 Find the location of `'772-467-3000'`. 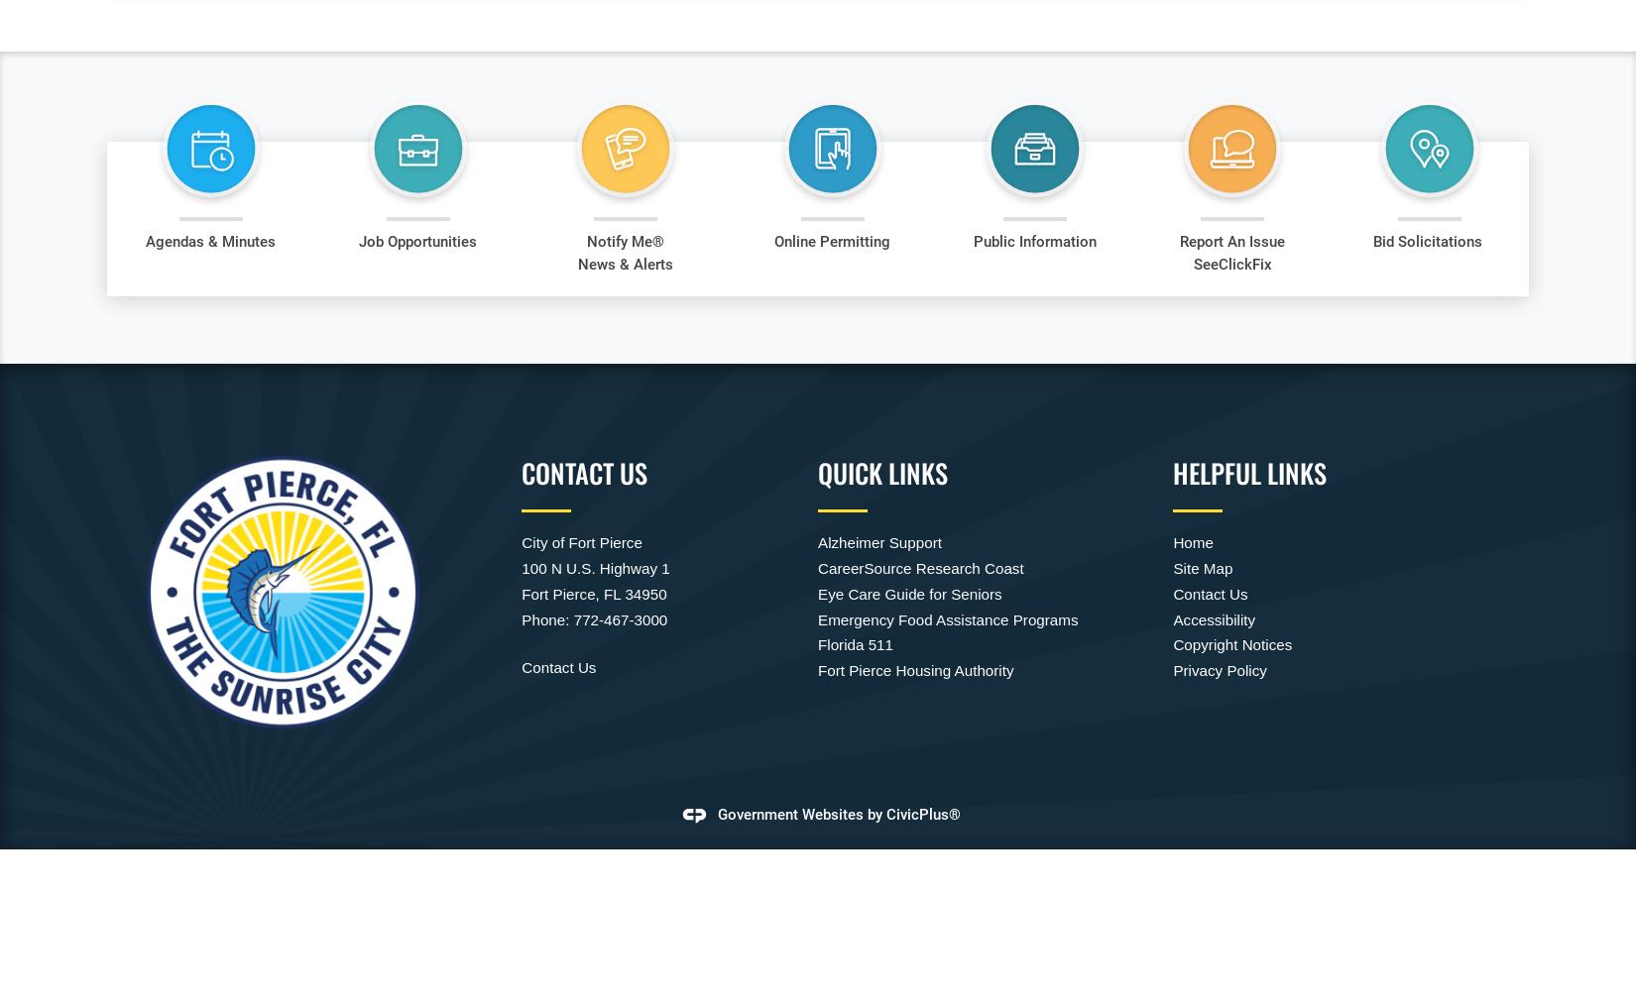

'772-467-3000' is located at coordinates (571, 618).